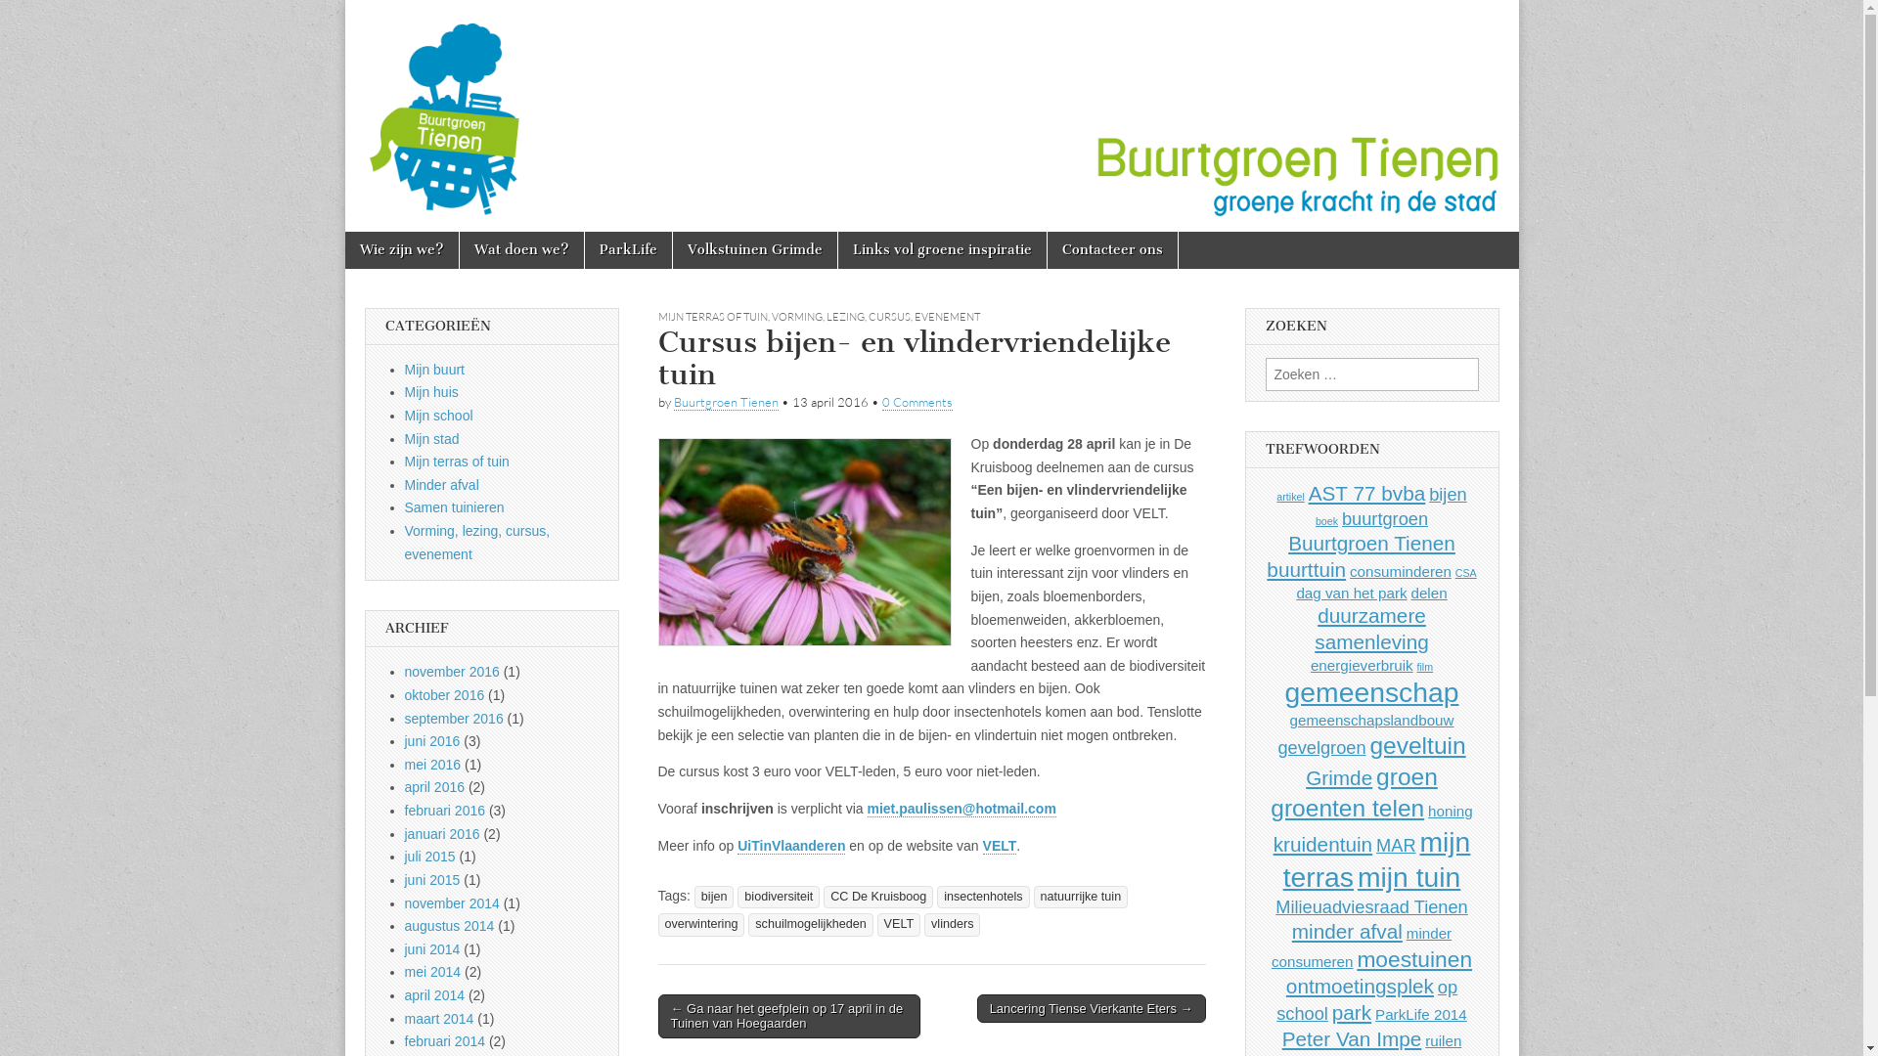  What do you see at coordinates (1306, 569) in the screenshot?
I see `'buurttuin'` at bounding box center [1306, 569].